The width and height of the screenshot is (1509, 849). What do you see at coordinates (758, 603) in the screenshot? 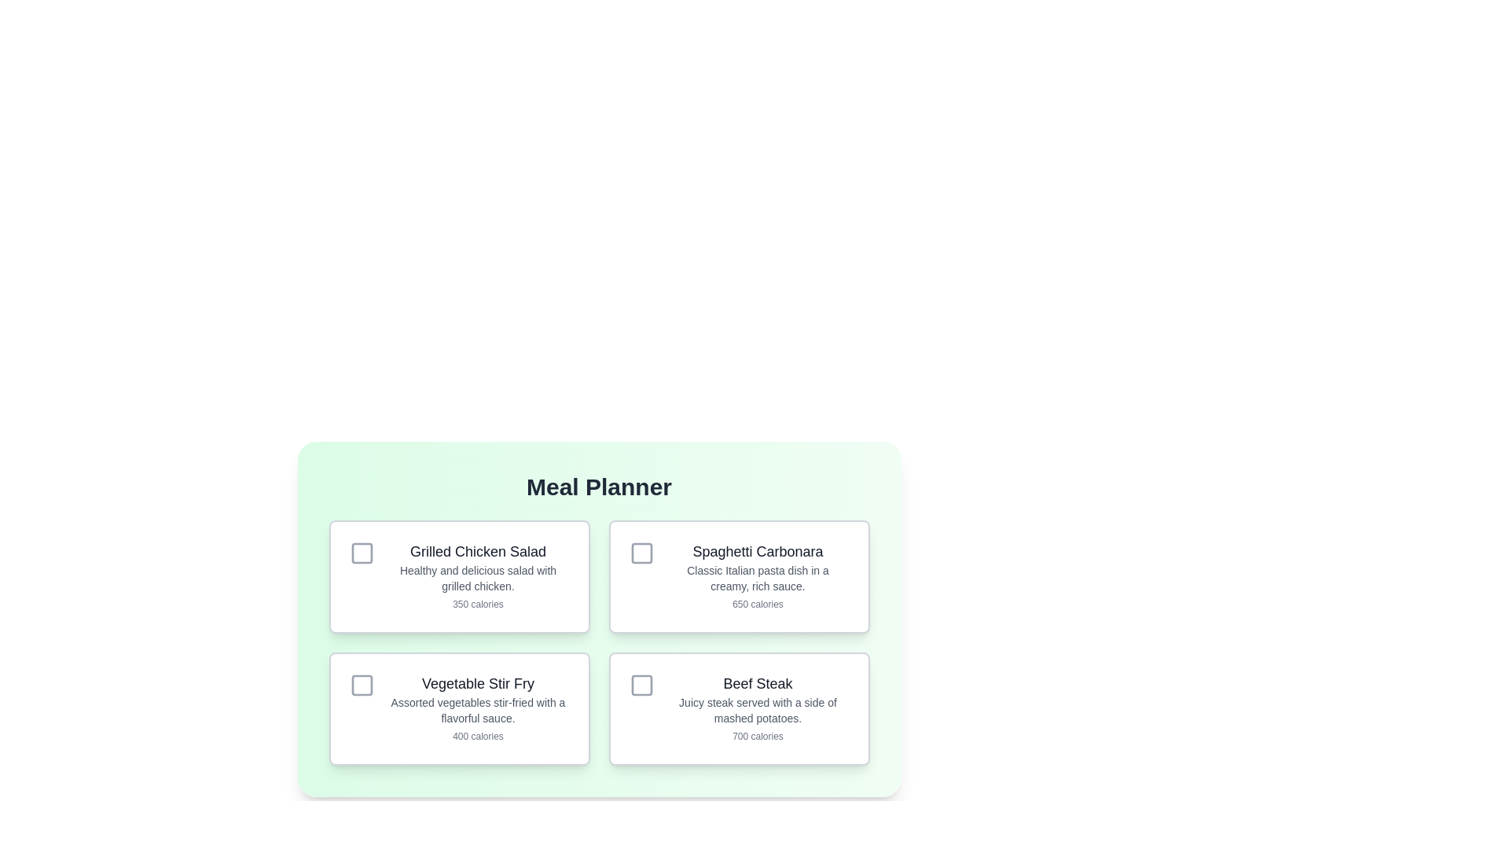
I see `the informational label indicating the calorie count of 'Spaghetti Carbonara', located at the bottom of the content box and aligned to the center horizontally` at bounding box center [758, 603].